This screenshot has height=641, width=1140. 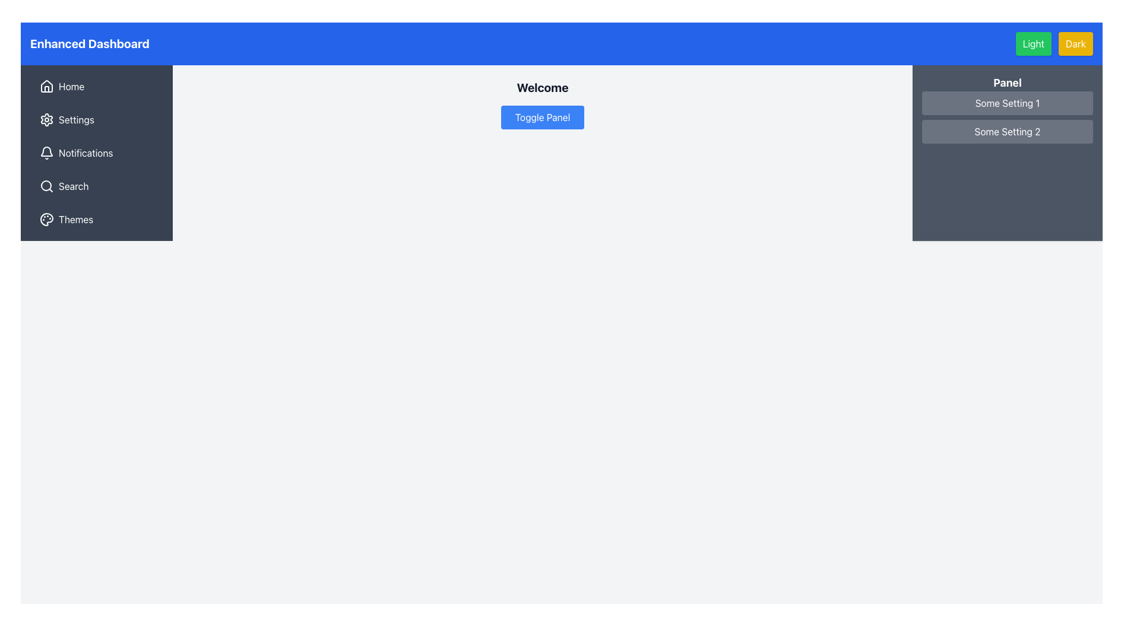 I want to click on the inner circle of the magnifying glass icon in the vertical menu on the left sidebar, so click(x=46, y=185).